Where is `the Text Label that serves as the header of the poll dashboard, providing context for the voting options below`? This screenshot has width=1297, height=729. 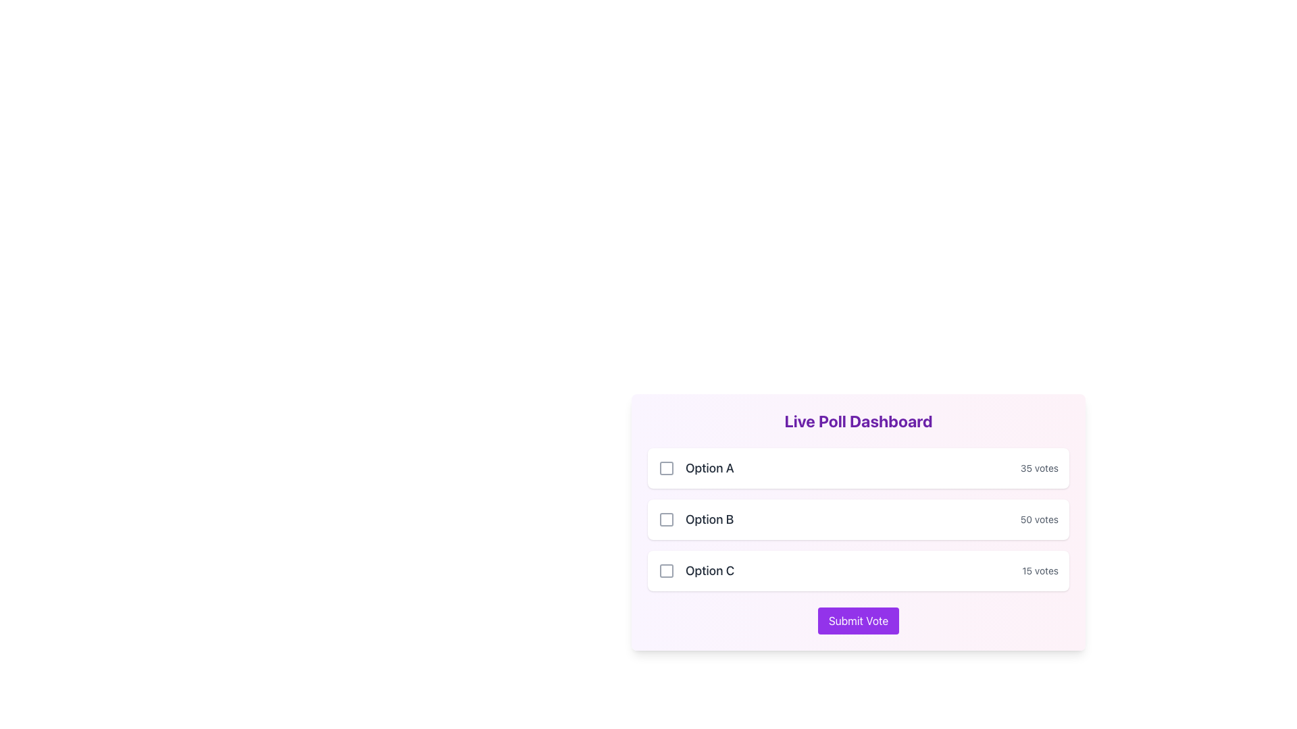
the Text Label that serves as the header of the poll dashboard, providing context for the voting options below is located at coordinates (858, 421).